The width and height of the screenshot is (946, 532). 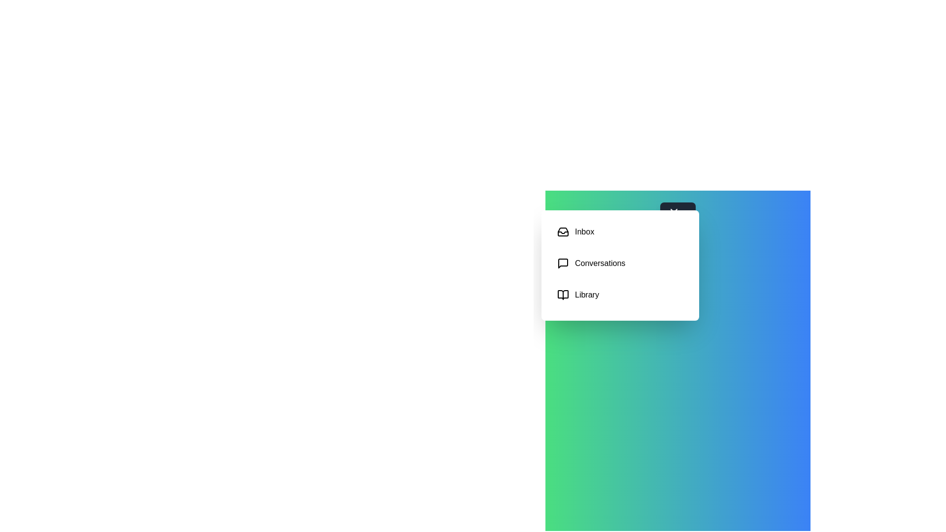 I want to click on the category Conversations to observe the hover effect, so click(x=619, y=263).